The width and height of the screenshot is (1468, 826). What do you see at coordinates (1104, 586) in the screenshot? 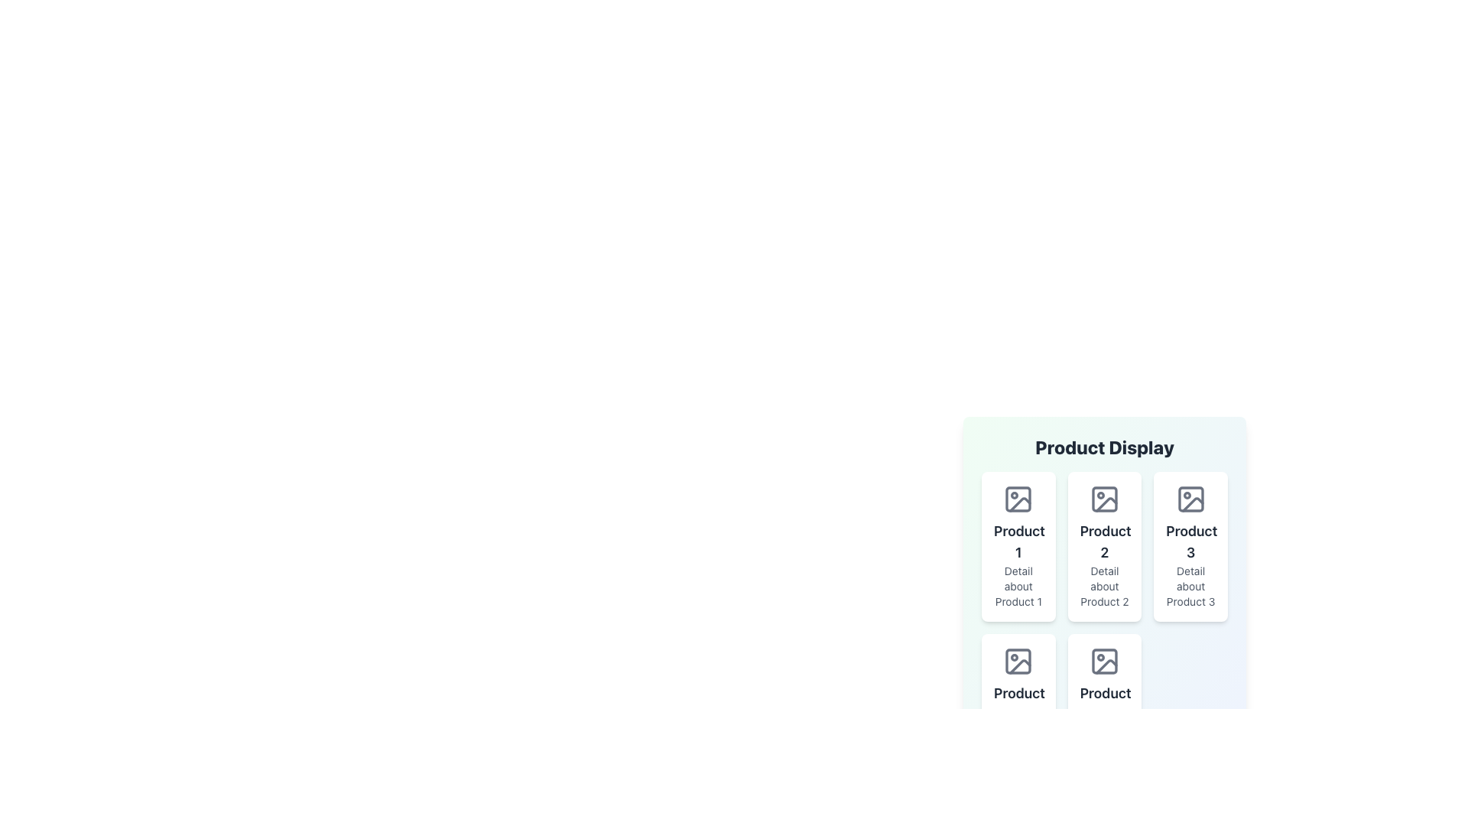
I see `static text element displaying 'Detail about Product 2', which is styled with small-sized gray text and located directly below the heading 'Product 2'` at bounding box center [1104, 586].